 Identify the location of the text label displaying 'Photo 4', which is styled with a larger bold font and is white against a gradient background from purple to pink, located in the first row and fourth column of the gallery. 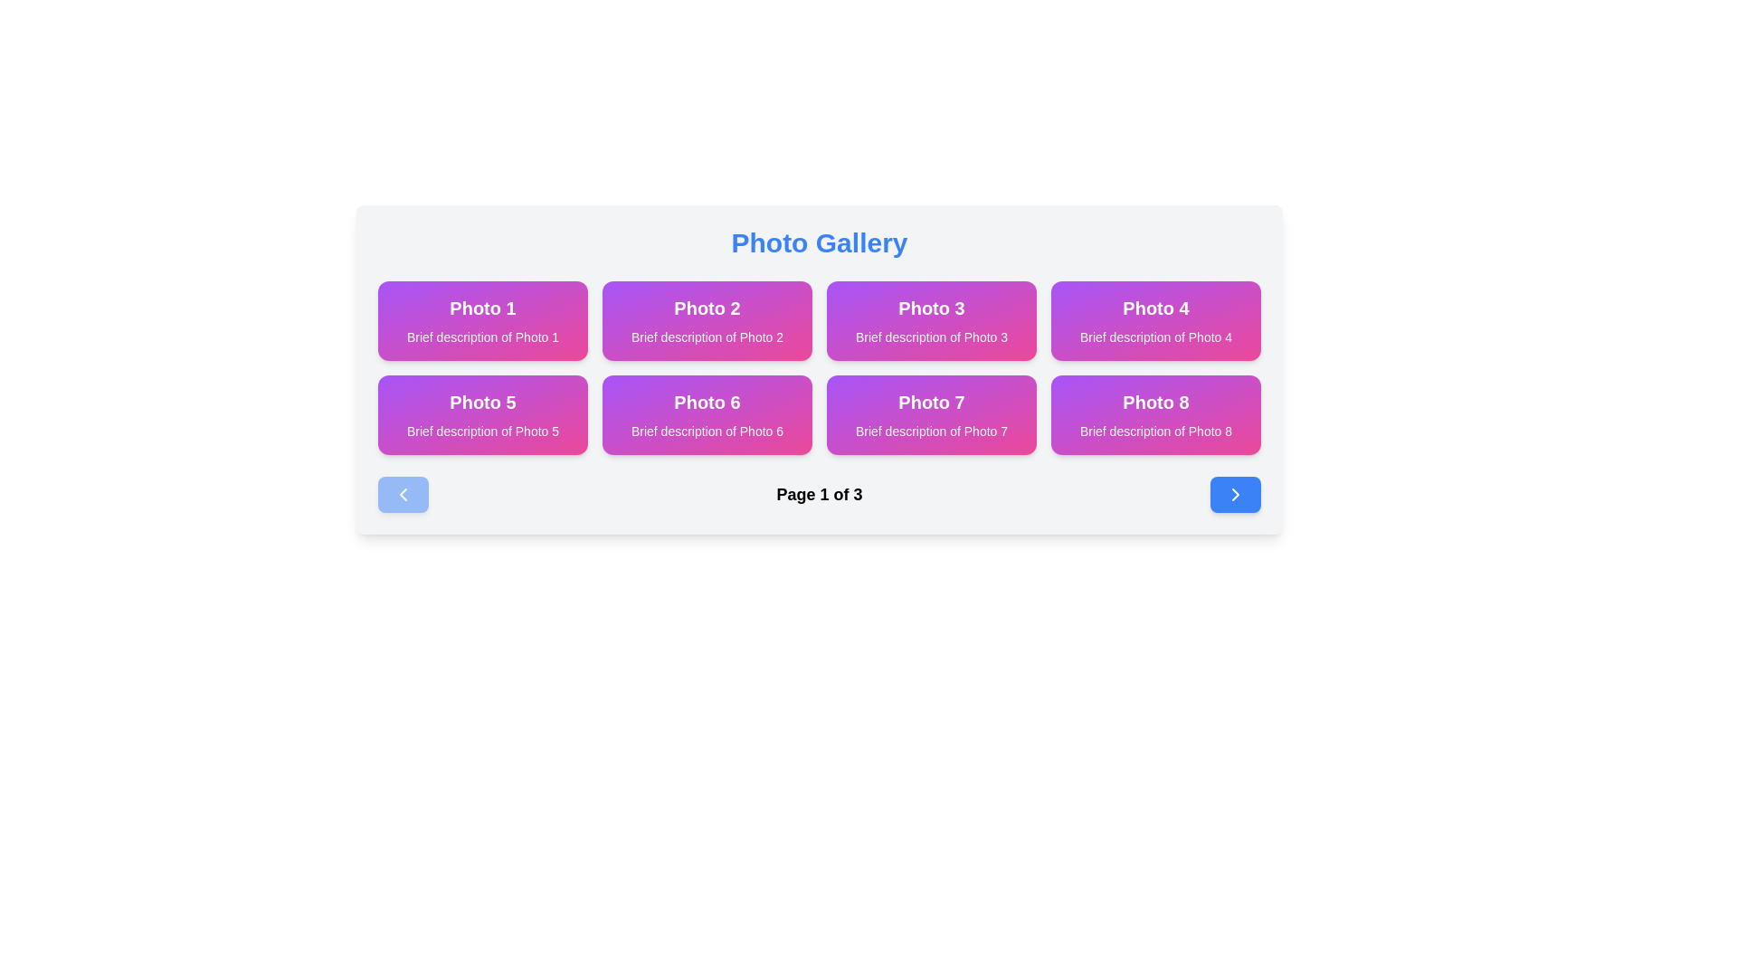
(1154, 307).